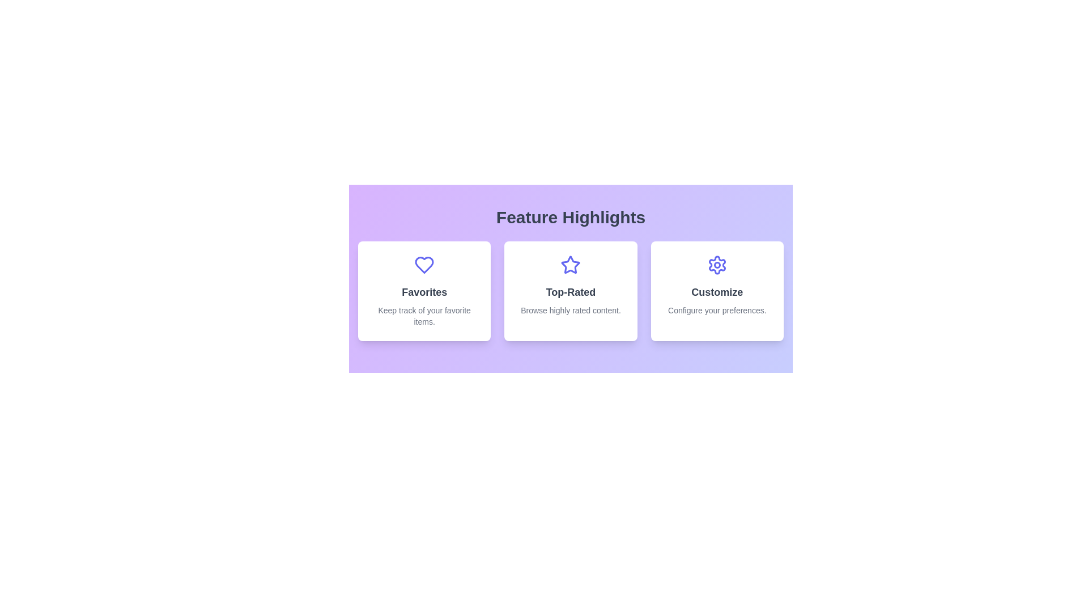 The image size is (1088, 612). What do you see at coordinates (571, 265) in the screenshot?
I see `the 'Top-Rated' vector graphic icon located at the center of the card in the 'Feature Highlights' section` at bounding box center [571, 265].